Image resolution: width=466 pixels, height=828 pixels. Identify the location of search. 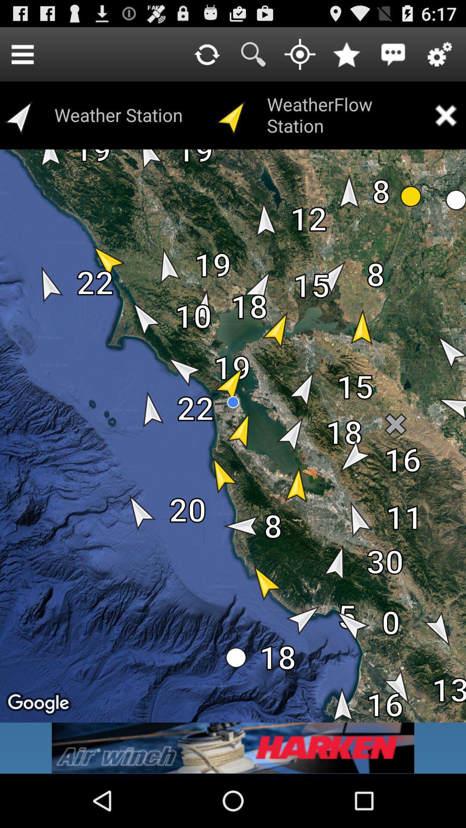
(253, 53).